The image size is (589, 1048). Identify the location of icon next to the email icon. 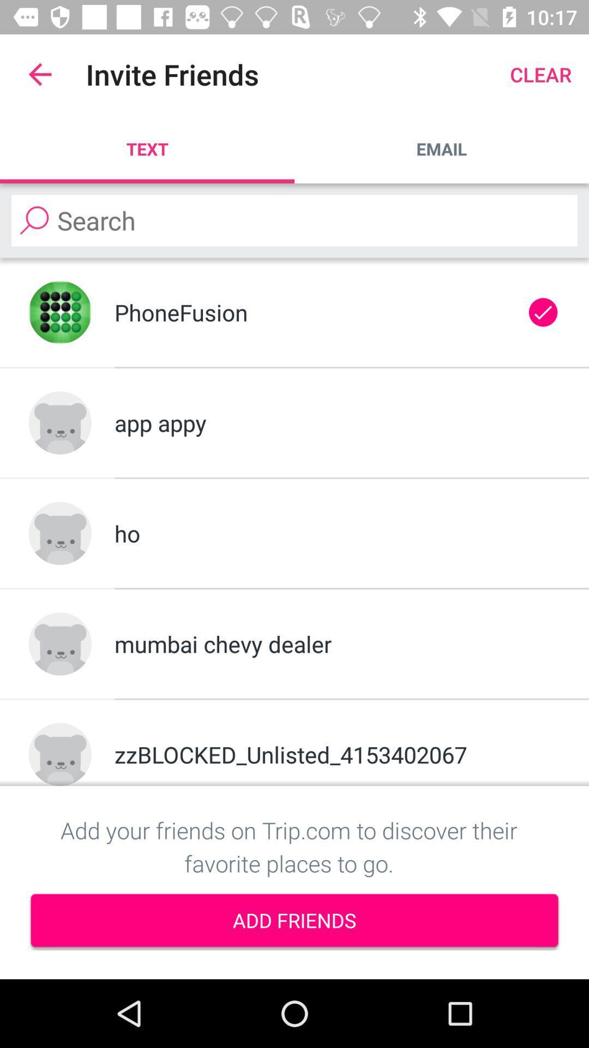
(147, 148).